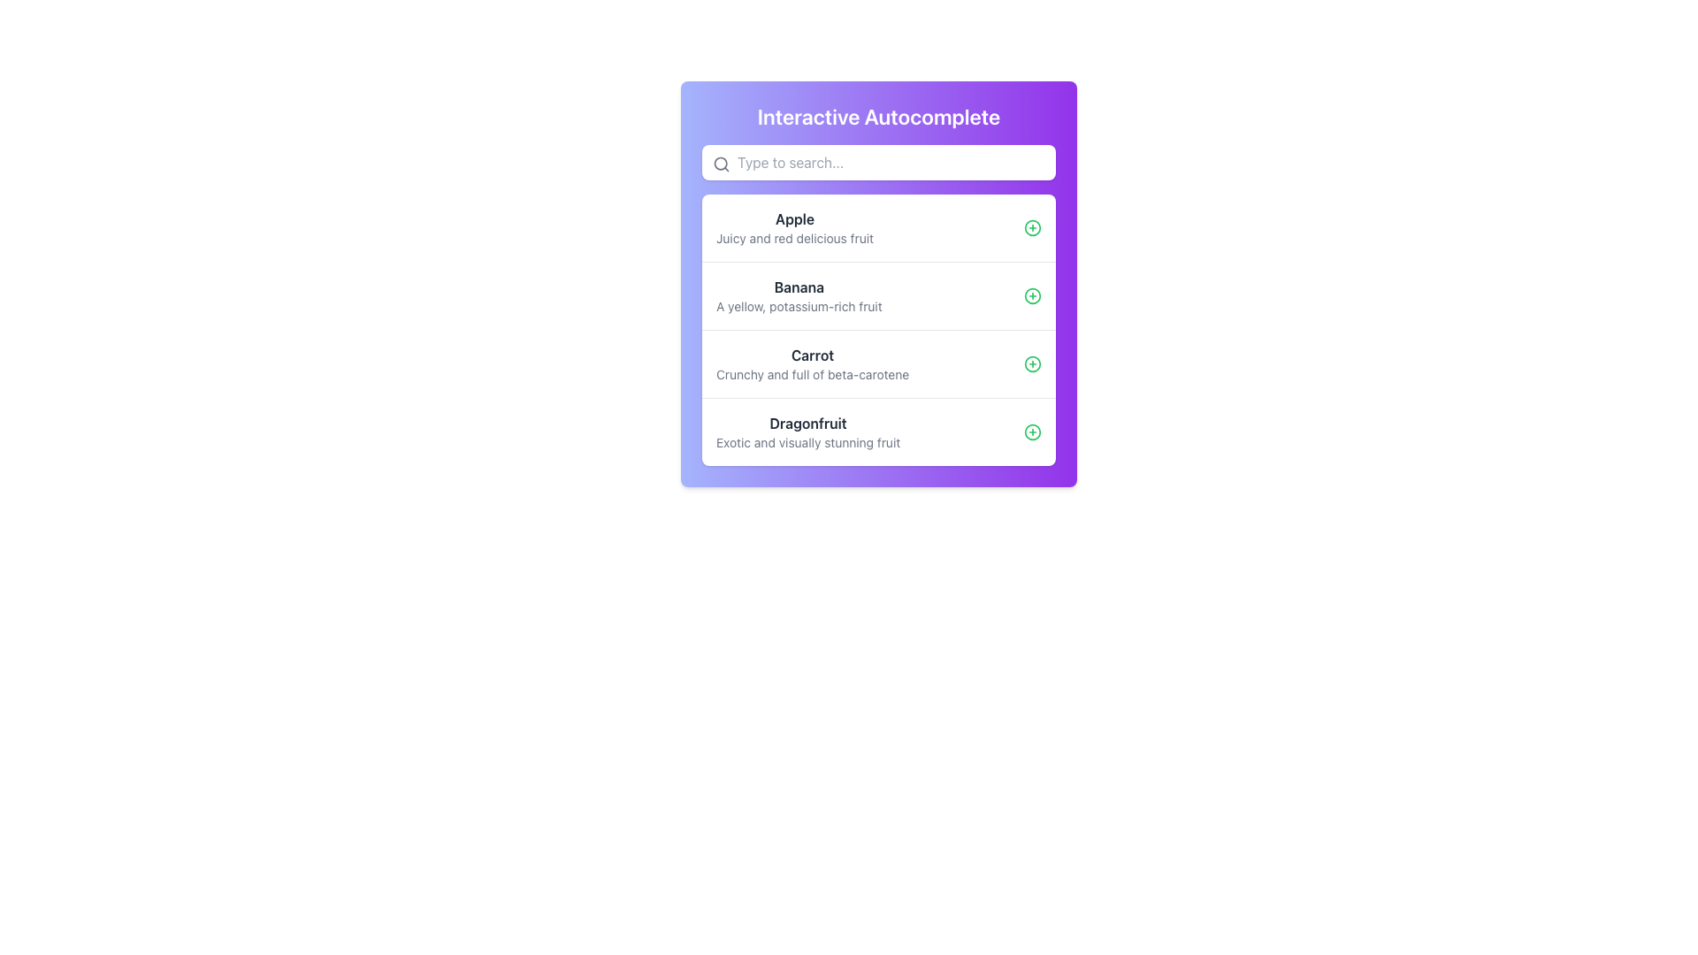  I want to click on the text label identifying the first item in the list as 'Apple' which is positioned at the top of the first entry in the autocomplete menu, so click(793, 218).